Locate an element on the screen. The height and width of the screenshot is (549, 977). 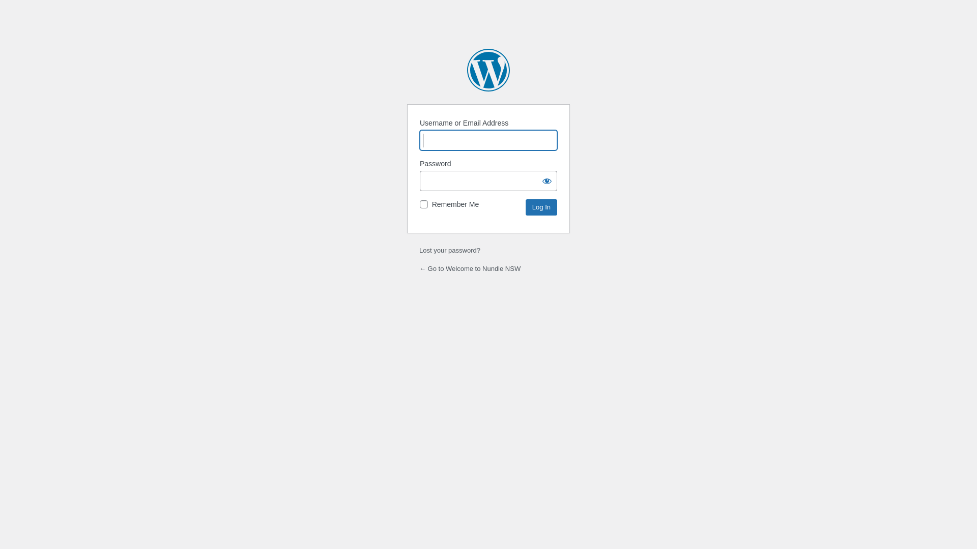
'Lost your password?' is located at coordinates (449, 250).